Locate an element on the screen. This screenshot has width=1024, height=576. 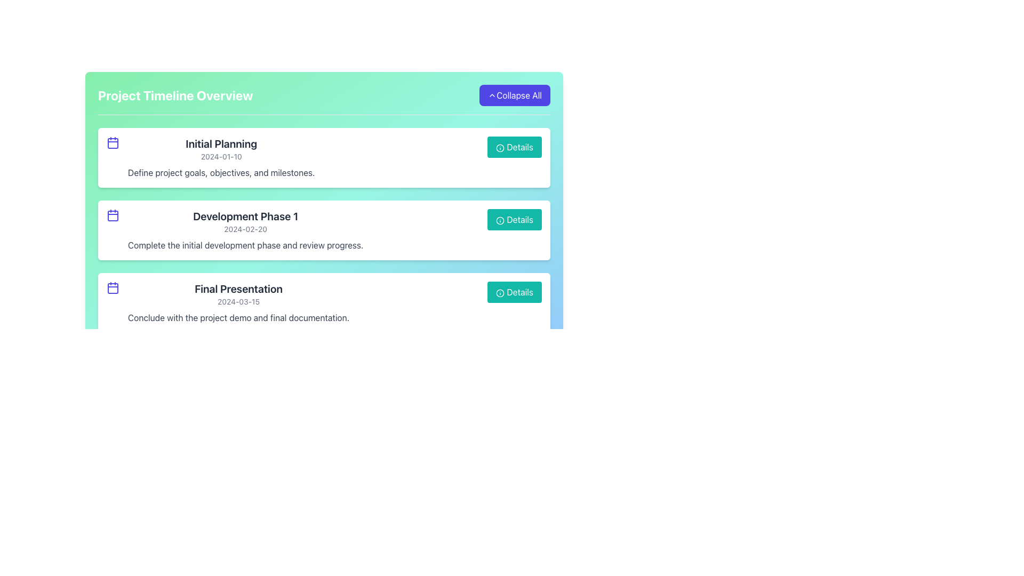
the Icon (Circle) located in the lower right corner of the 'Final Presentation' section within the 'Details' button is located at coordinates (500, 293).